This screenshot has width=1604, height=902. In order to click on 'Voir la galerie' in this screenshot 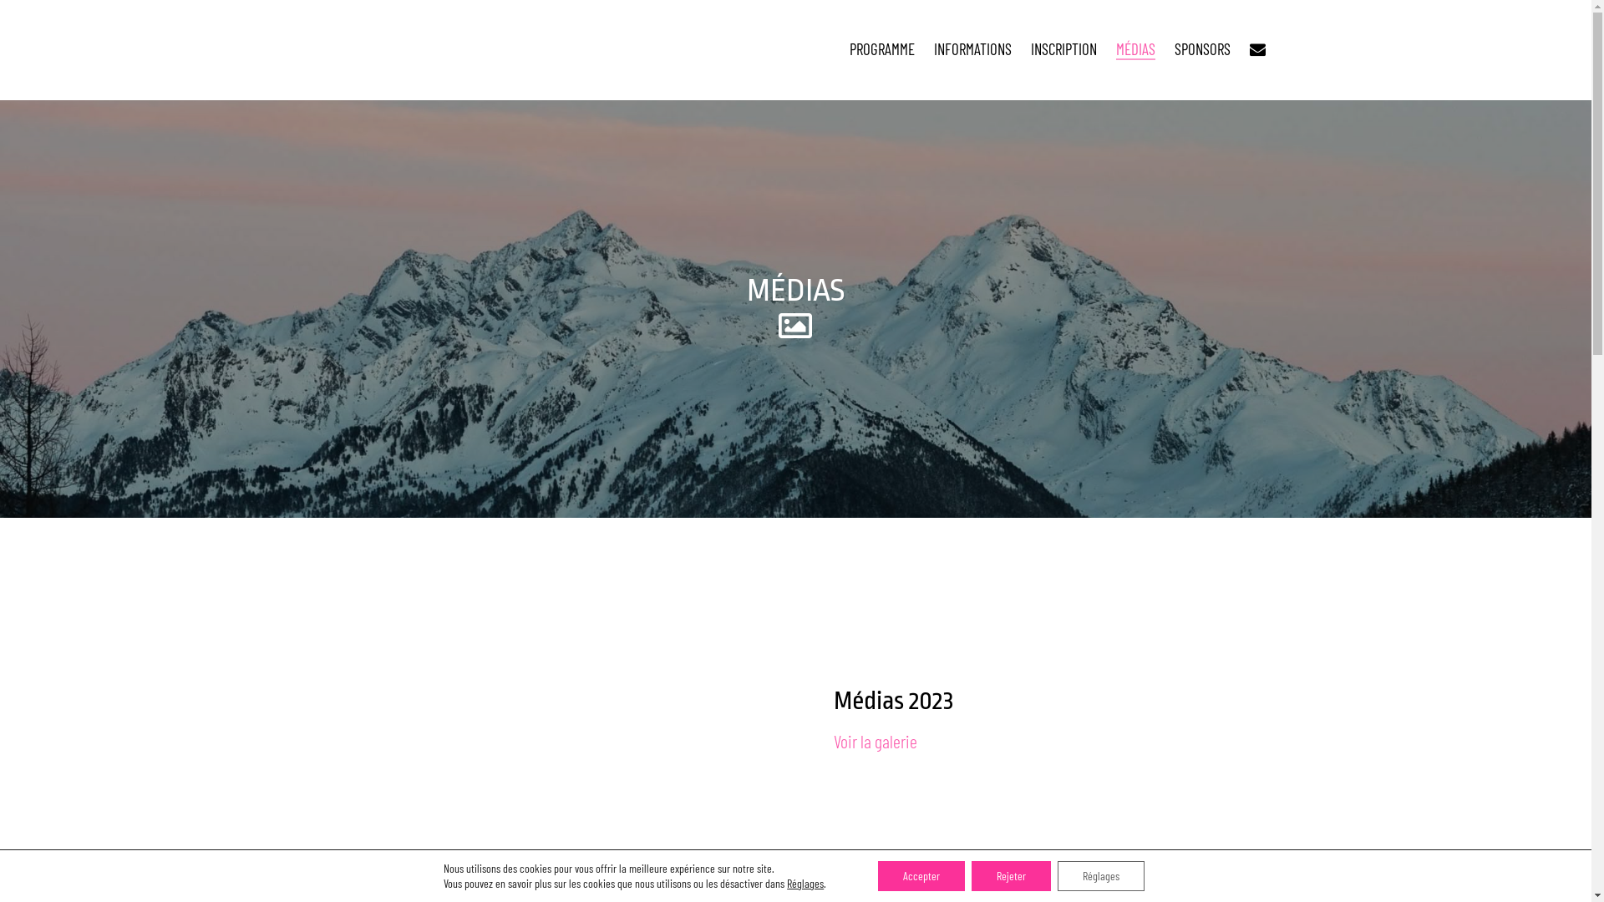, I will do `click(874, 740)`.